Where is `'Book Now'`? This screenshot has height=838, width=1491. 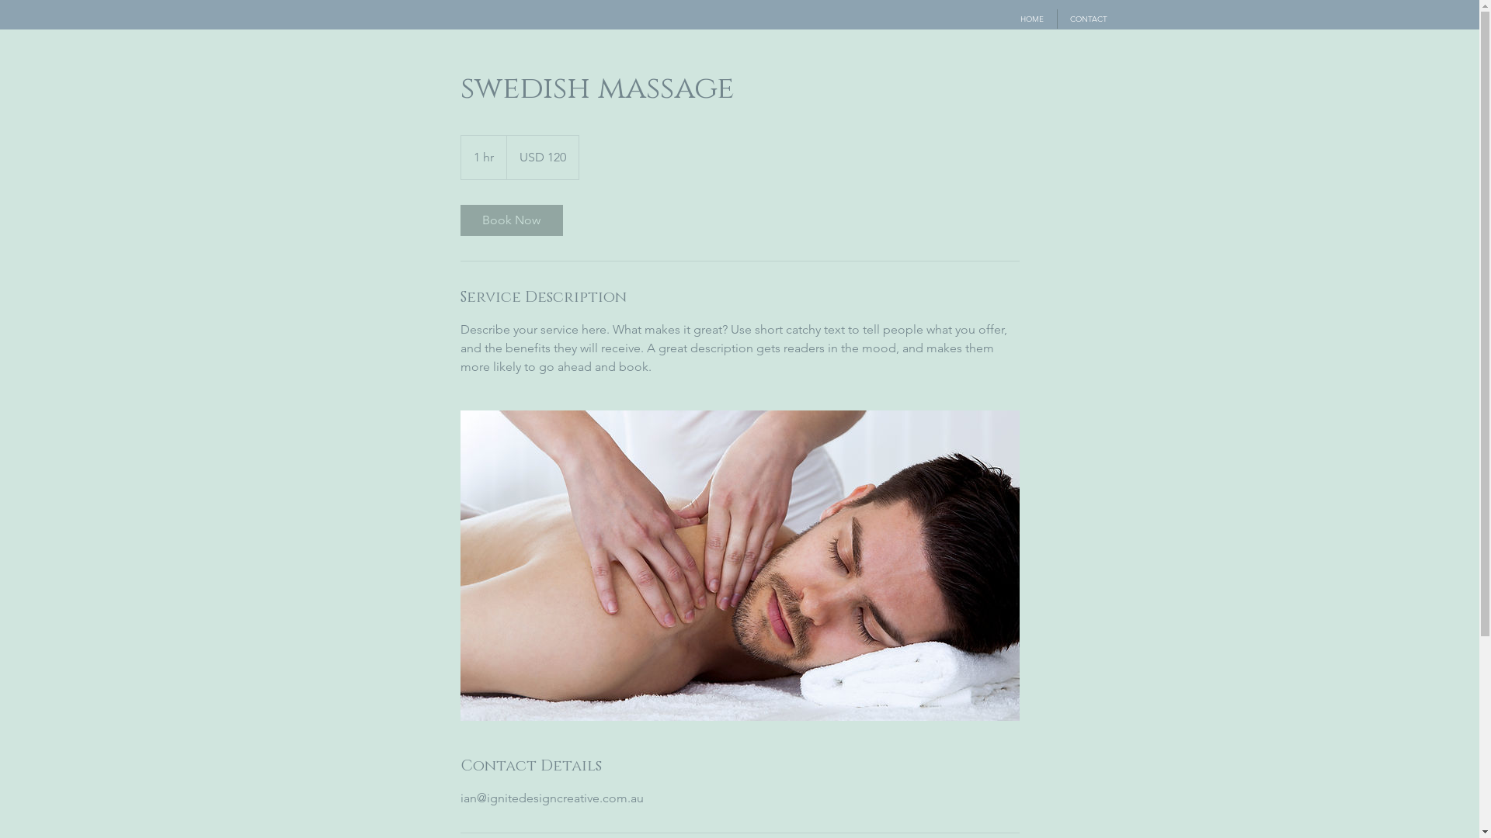 'Book Now' is located at coordinates (510, 220).